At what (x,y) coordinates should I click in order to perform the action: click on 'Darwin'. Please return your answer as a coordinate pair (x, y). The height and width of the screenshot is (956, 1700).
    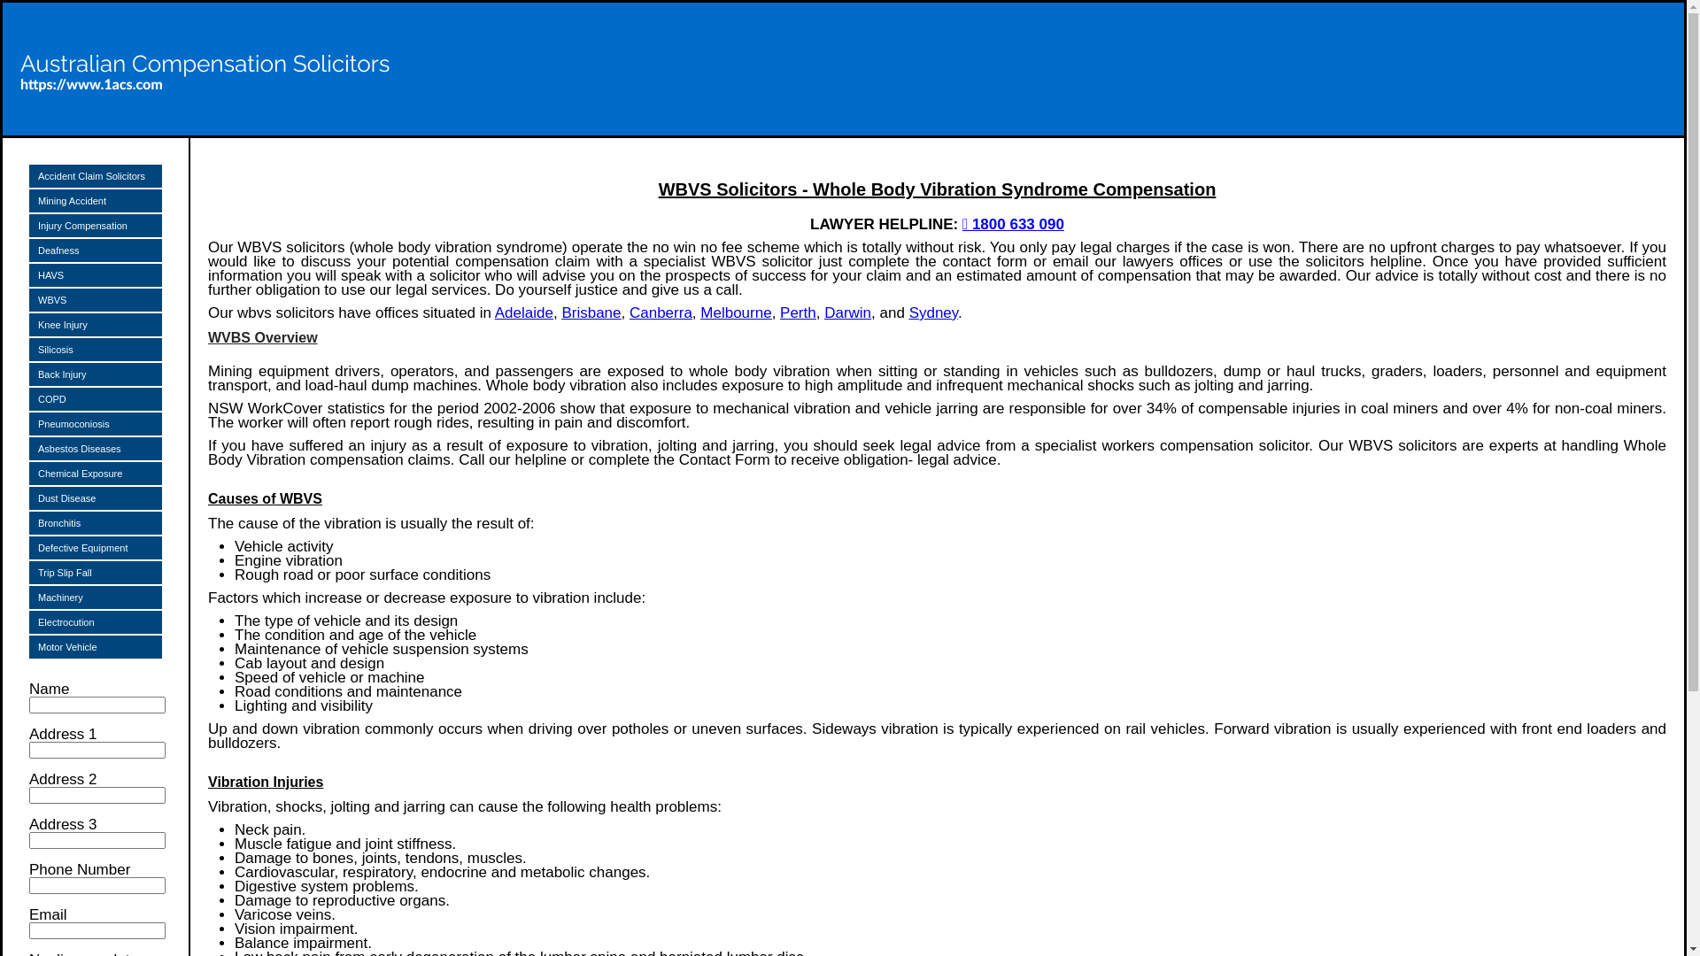
    Looking at the image, I should click on (846, 312).